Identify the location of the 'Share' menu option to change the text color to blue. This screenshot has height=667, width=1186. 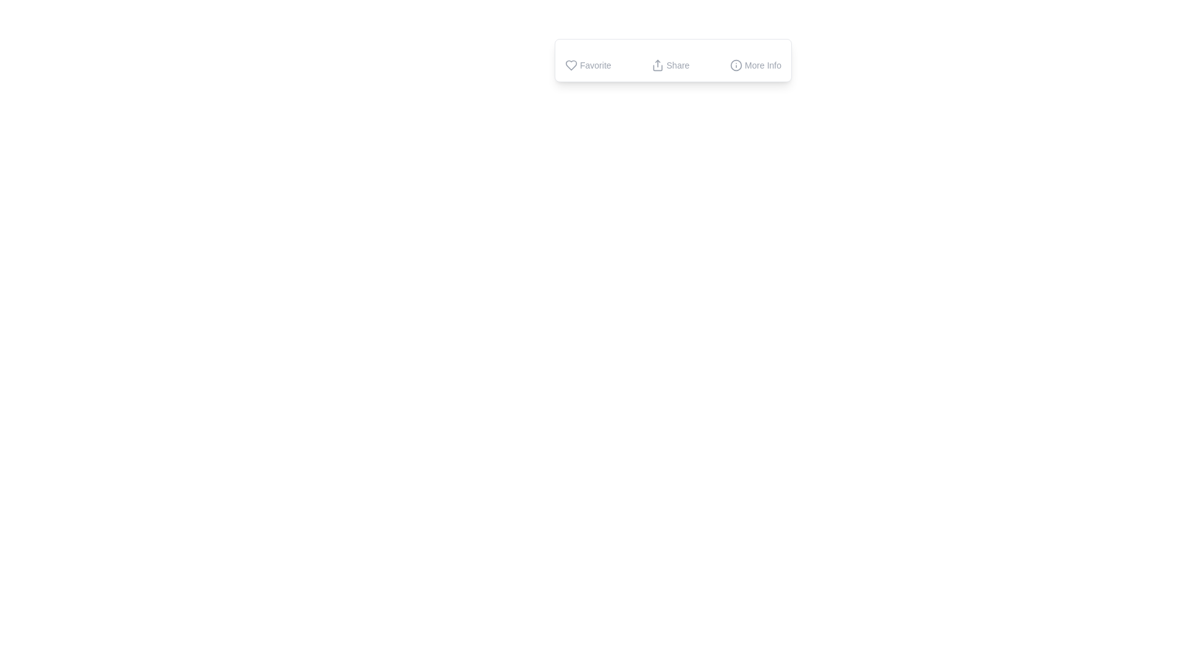
(672, 60).